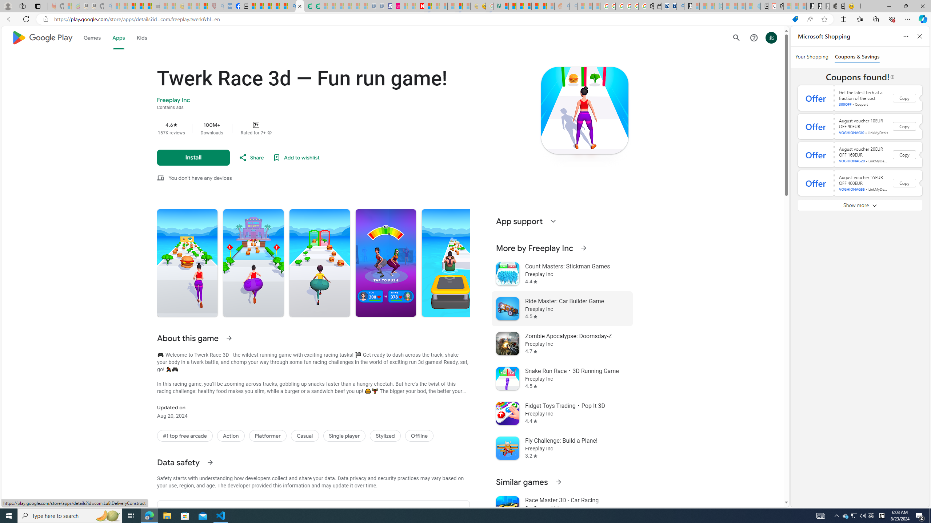 The width and height of the screenshot is (931, 523). I want to click on 'Platformer', so click(267, 435).